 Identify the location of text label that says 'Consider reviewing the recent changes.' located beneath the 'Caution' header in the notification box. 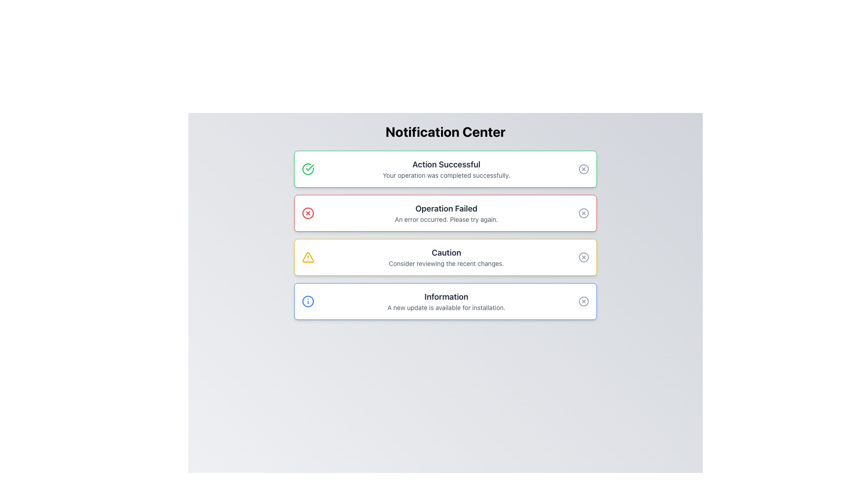
(446, 263).